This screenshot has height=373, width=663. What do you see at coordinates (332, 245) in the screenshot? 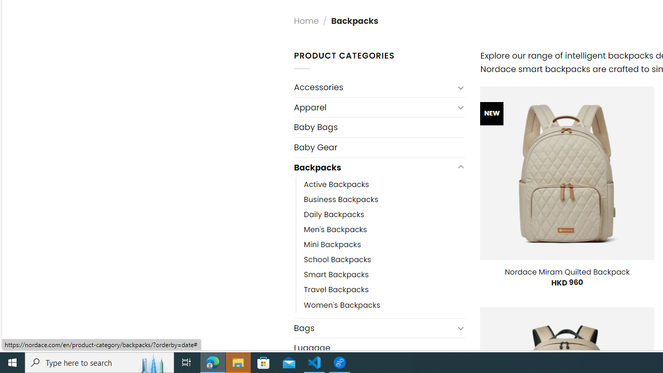
I see `'Mini Backpacks'` at bounding box center [332, 245].